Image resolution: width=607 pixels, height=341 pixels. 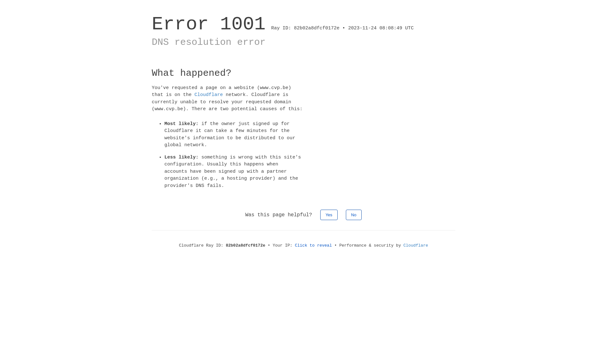 I want to click on 'Yes', so click(x=329, y=214).